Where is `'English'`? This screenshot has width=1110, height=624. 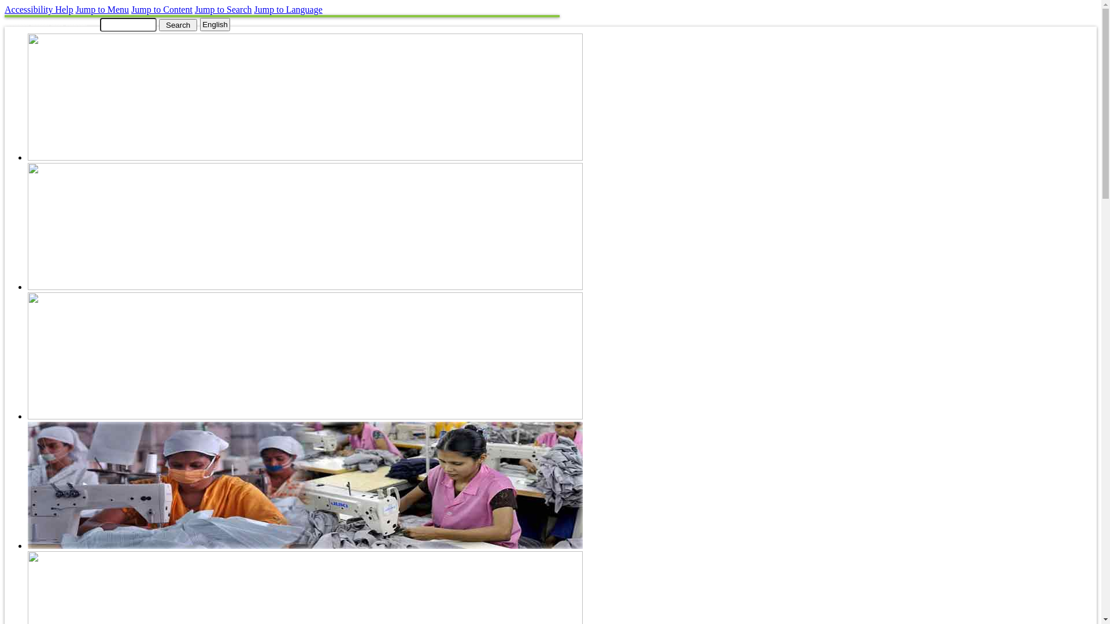 'English' is located at coordinates (215, 24).